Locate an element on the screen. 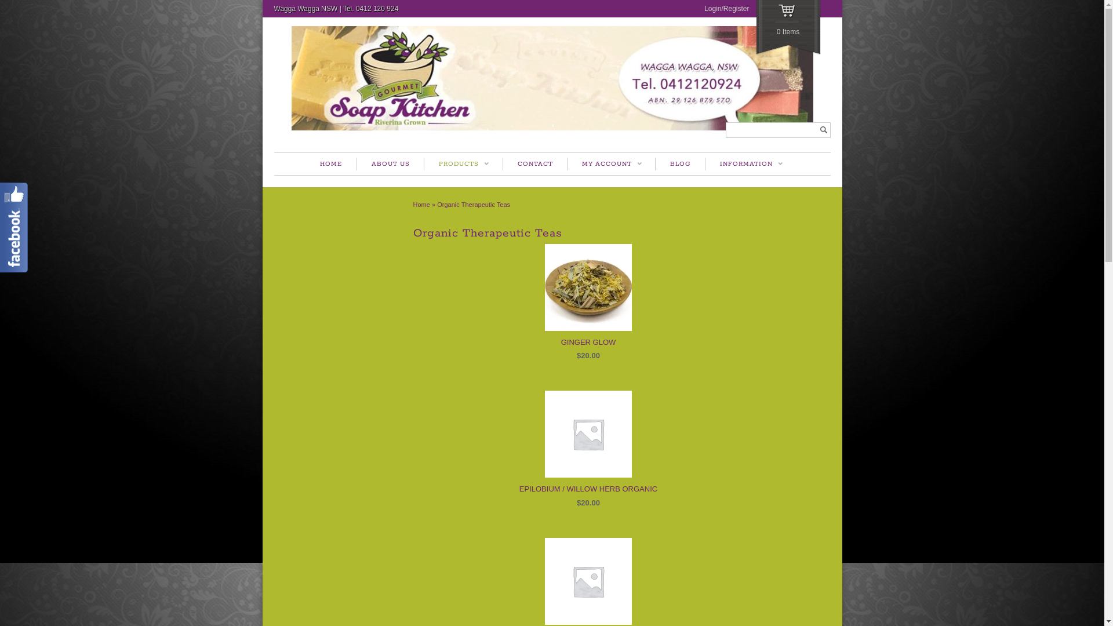  'ABOUT US' is located at coordinates (390, 163).